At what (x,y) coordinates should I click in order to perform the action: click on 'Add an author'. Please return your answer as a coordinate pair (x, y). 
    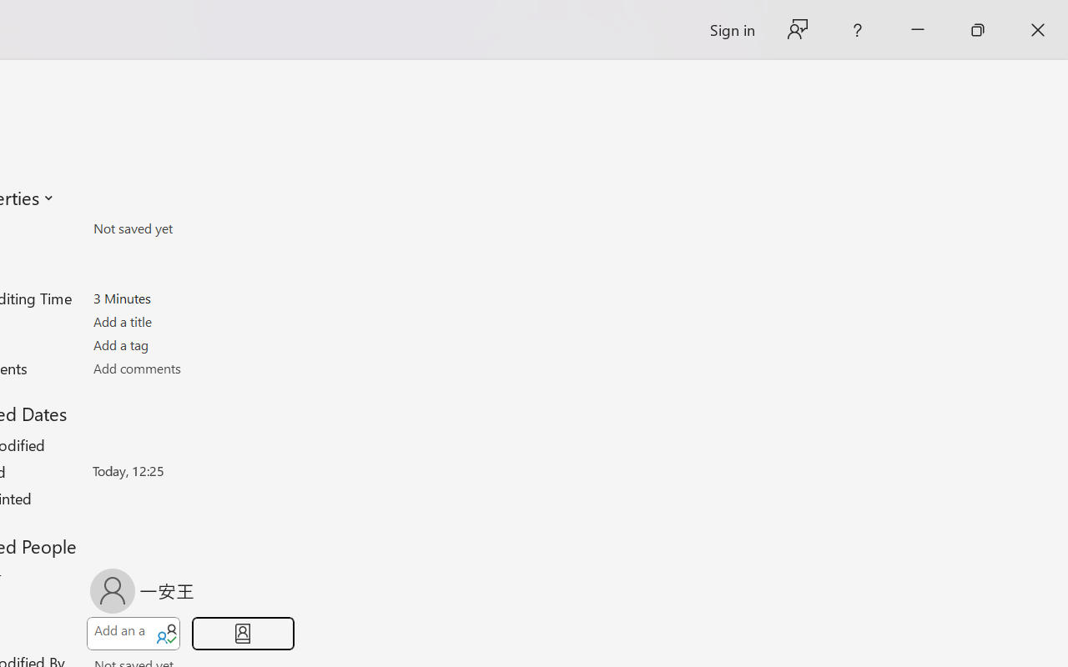
    Looking at the image, I should click on (118, 634).